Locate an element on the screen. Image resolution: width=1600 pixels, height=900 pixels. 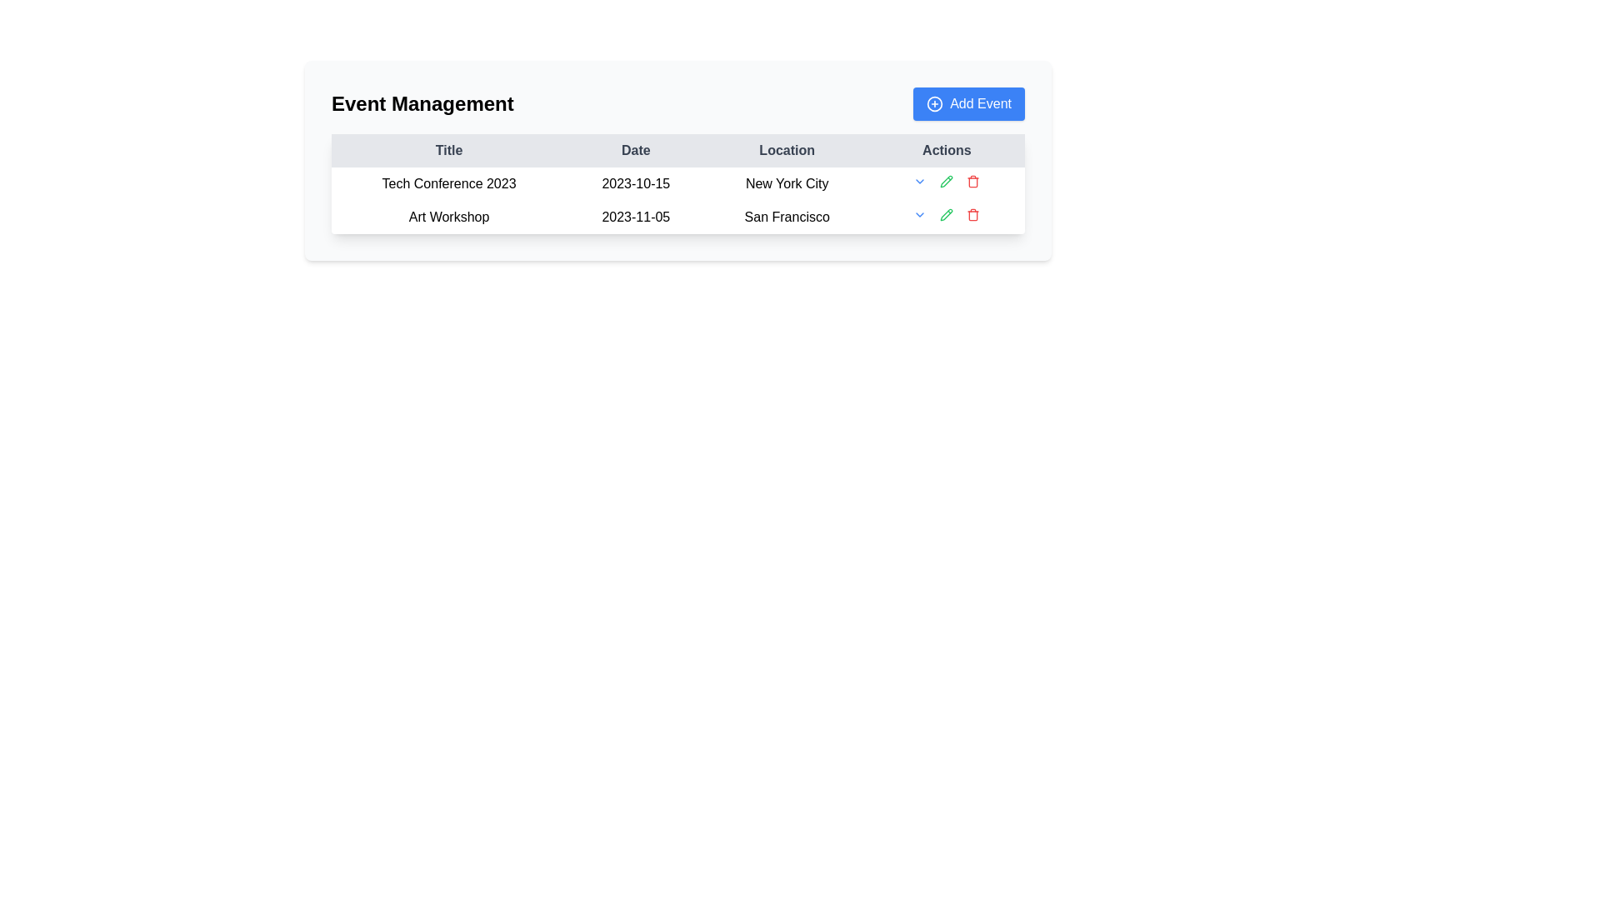
displayed text of the Static text label showing 'Title', which is part of the table header aligned to the left of the 'Date' column is located at coordinates (449, 151).